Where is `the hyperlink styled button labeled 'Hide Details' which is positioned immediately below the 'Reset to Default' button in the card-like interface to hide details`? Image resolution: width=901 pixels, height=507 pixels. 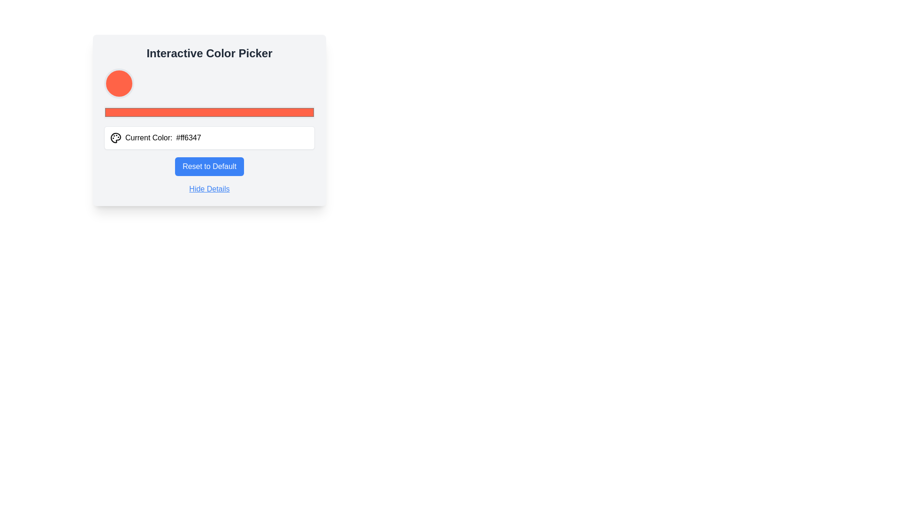
the hyperlink styled button labeled 'Hide Details' which is positioned immediately below the 'Reset to Default' button in the card-like interface to hide details is located at coordinates (209, 189).